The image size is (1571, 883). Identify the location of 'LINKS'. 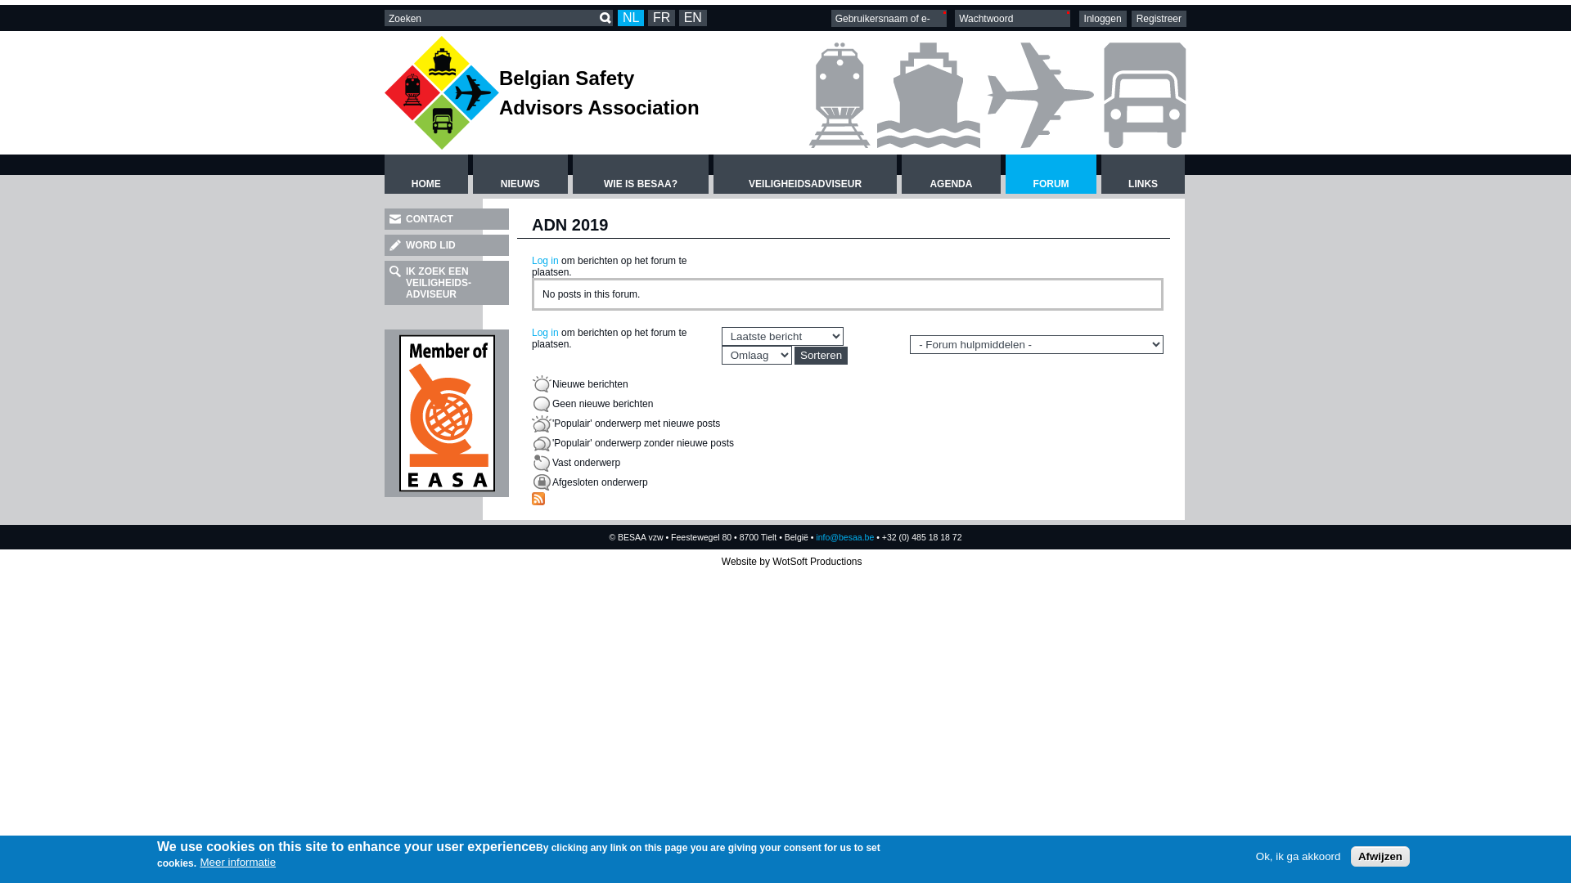
(1101, 173).